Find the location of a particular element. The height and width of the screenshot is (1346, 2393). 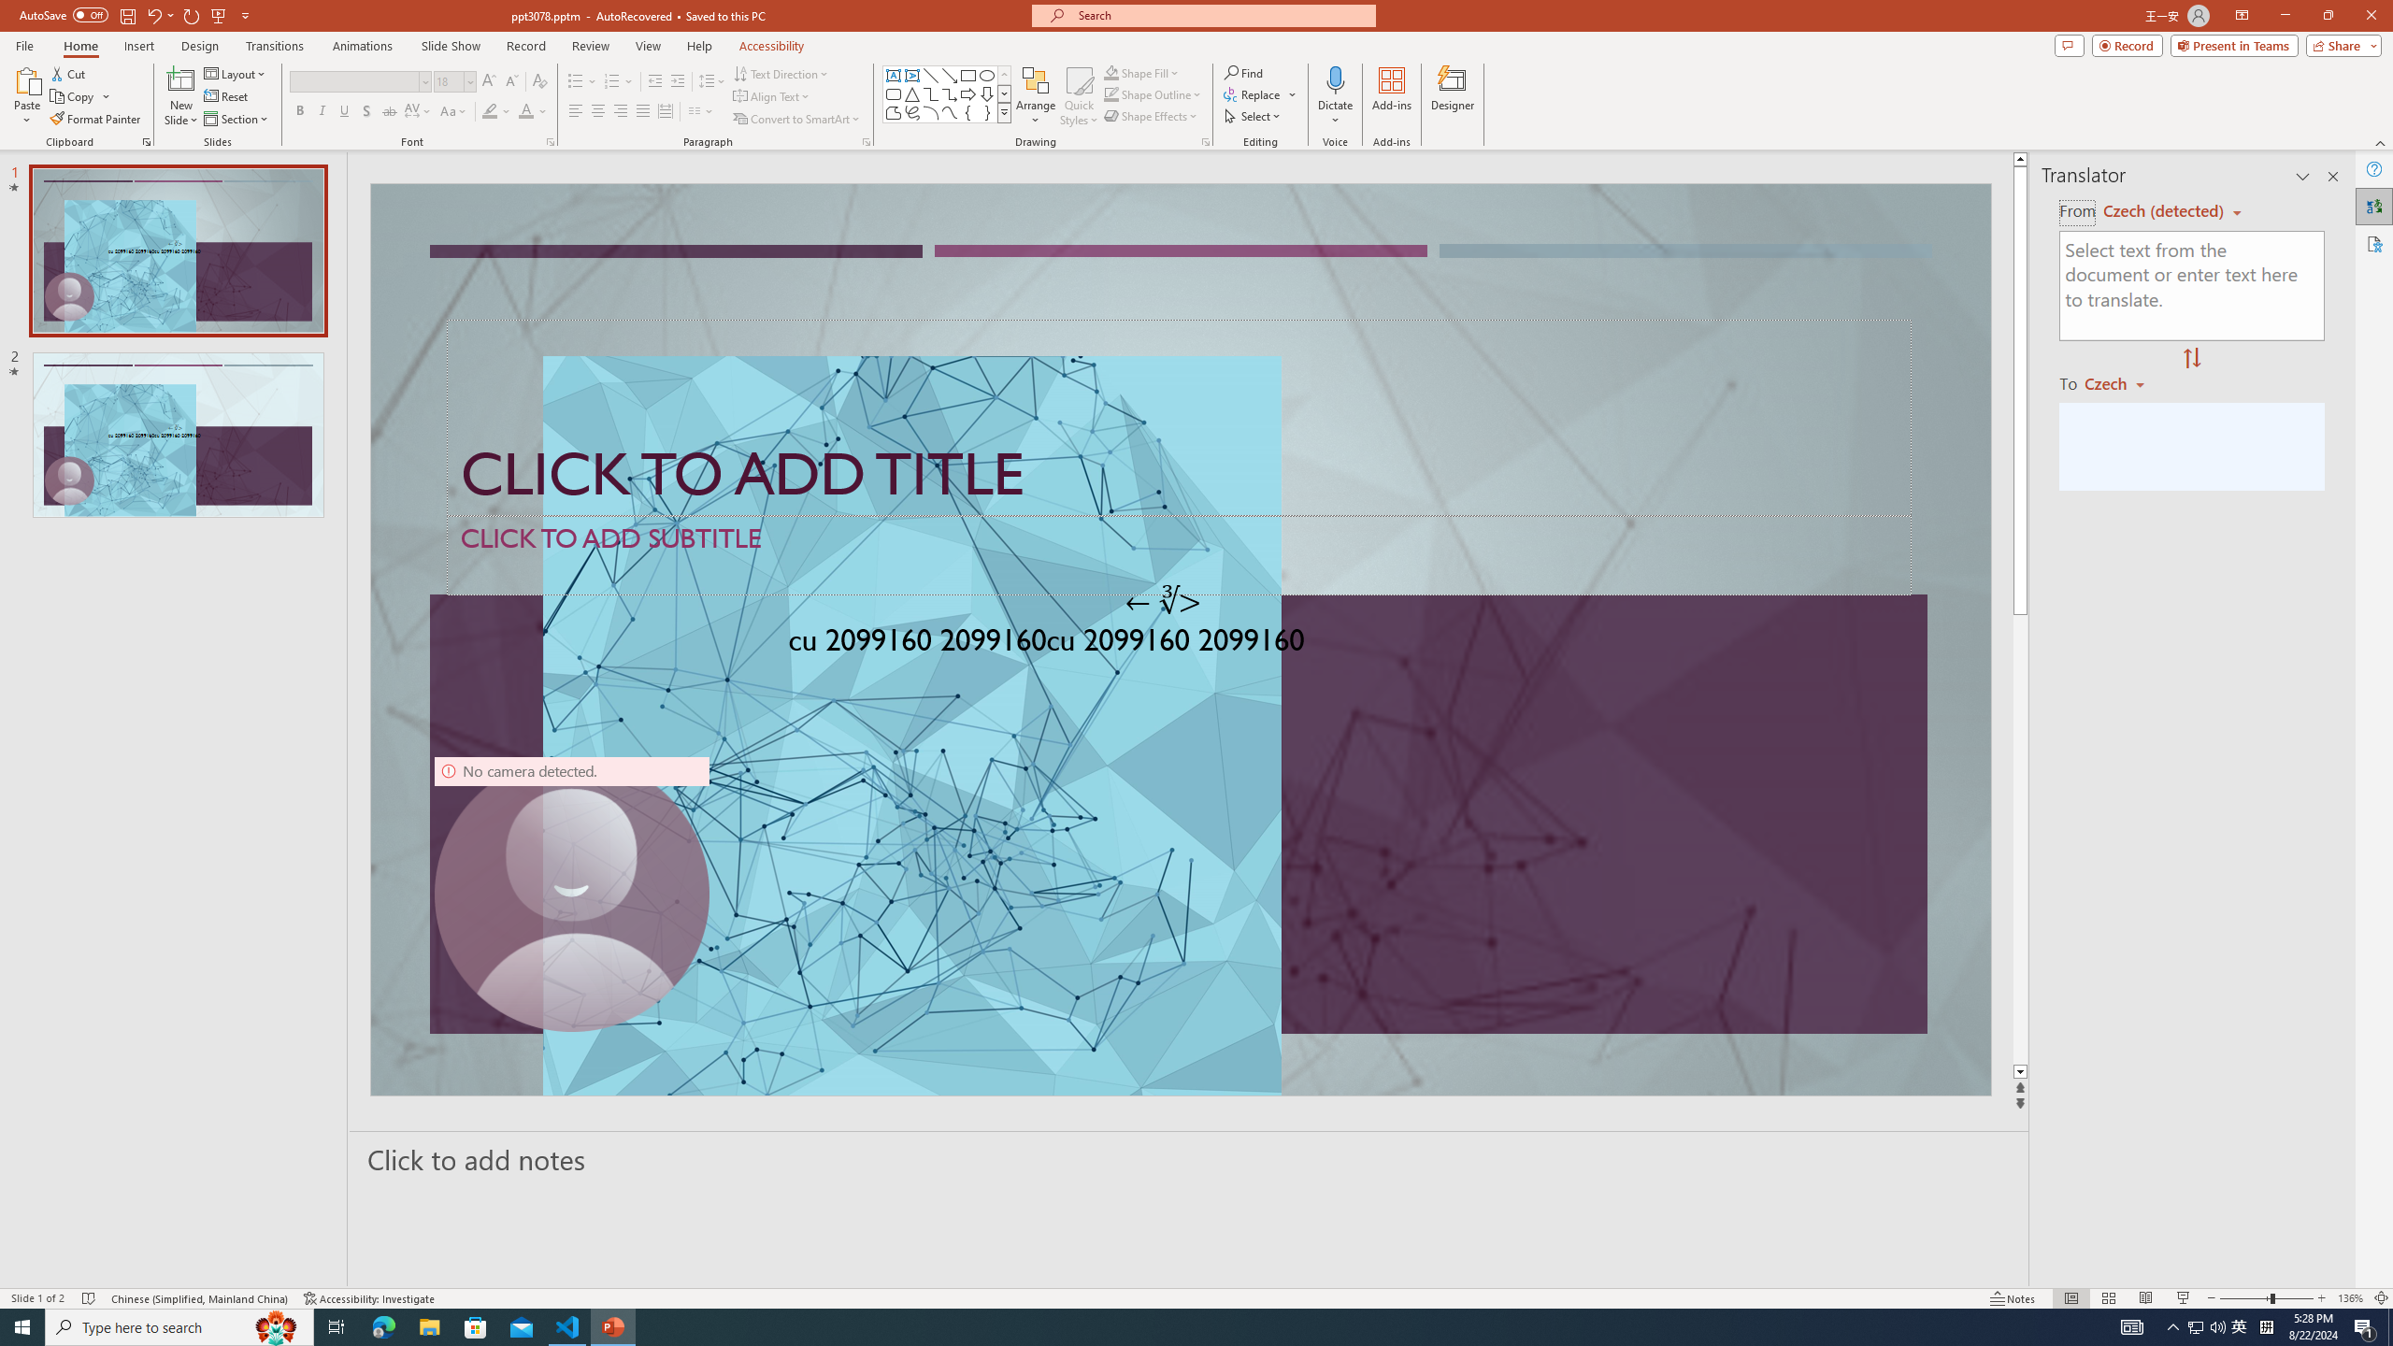

'Czech (detected)' is located at coordinates (2164, 210).